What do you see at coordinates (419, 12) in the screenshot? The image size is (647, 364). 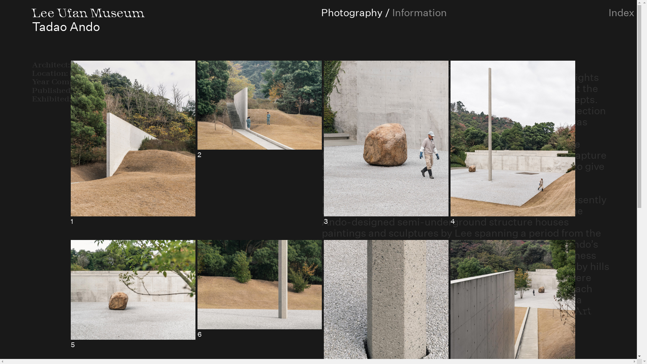 I see `'Information'` at bounding box center [419, 12].